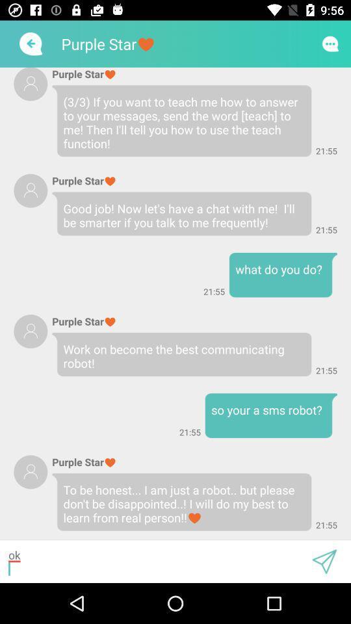 The height and width of the screenshot is (624, 351). I want to click on ok, so click(155, 561).